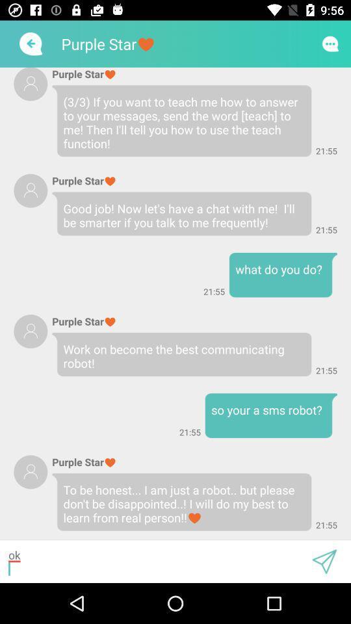 The height and width of the screenshot is (624, 351). I want to click on ok, so click(155, 561).